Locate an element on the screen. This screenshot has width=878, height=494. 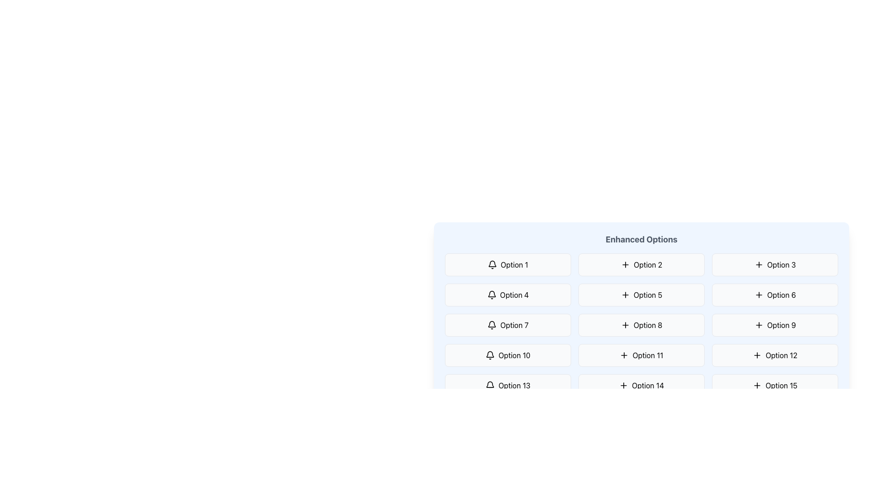
the actionable UI button labeled 'Option 9' located in the third row and third column of the grid layout for additional information or styling effects is located at coordinates (774, 324).